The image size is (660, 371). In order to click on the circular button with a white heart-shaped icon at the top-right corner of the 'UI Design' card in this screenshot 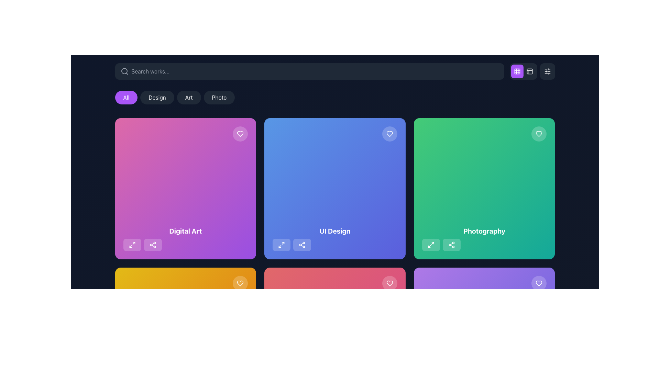, I will do `click(389, 134)`.